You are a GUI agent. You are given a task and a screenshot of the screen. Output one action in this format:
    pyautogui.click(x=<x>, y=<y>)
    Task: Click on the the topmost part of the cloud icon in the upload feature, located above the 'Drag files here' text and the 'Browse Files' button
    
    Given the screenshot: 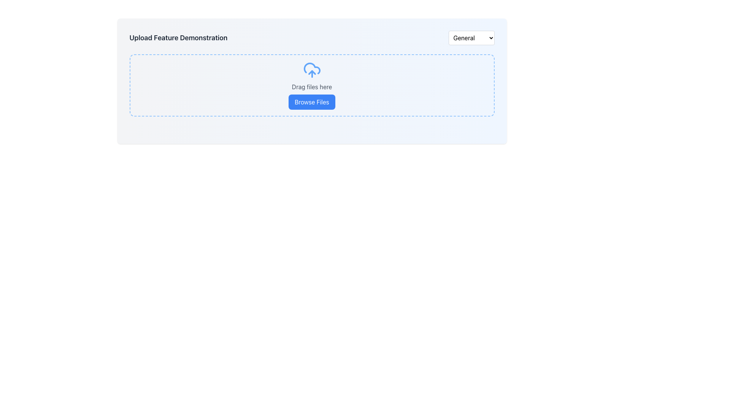 What is the action you would take?
    pyautogui.click(x=312, y=68)
    